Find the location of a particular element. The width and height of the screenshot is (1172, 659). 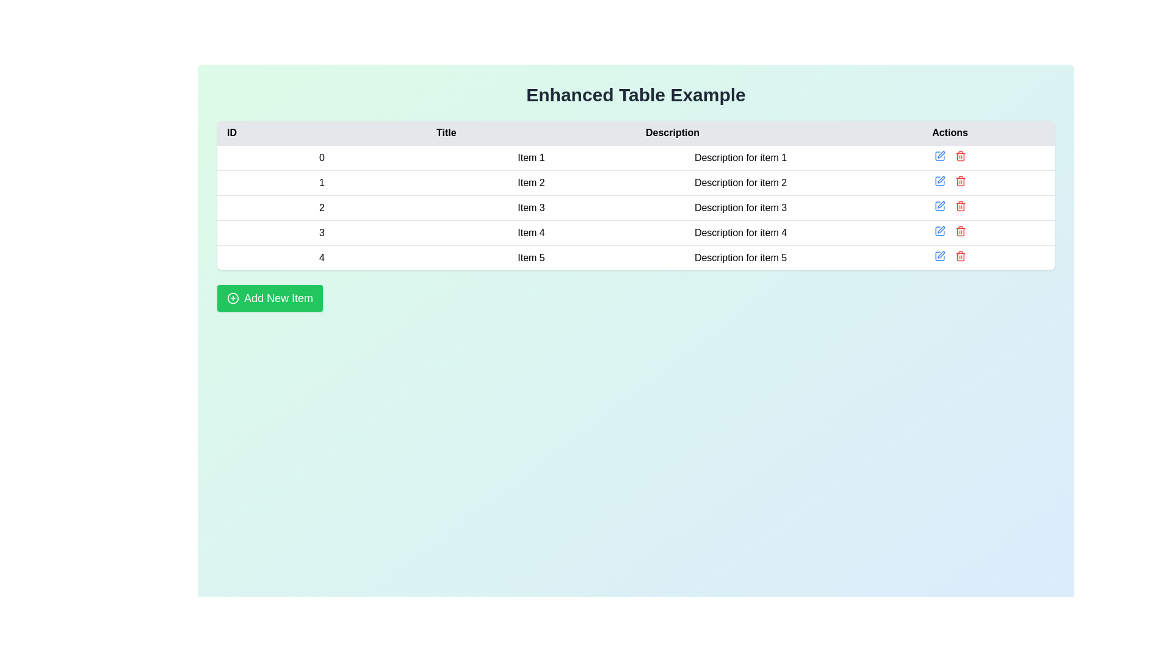

the 'Edit' button in the Interactive control group for 'Item 3' located in the fourth column of the table under the 'Actions' section is located at coordinates (949, 206).